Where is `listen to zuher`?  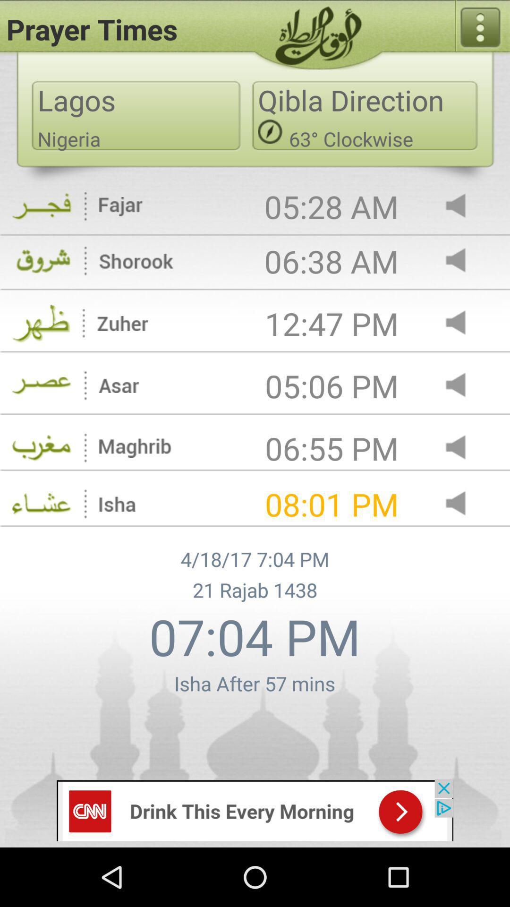
listen to zuher is located at coordinates (463, 324).